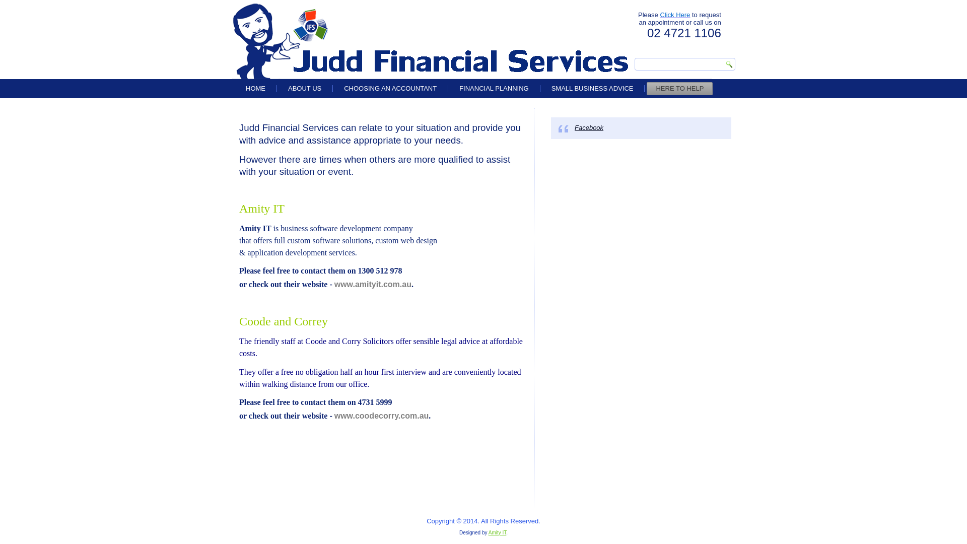 The width and height of the screenshot is (967, 544). Describe the element at coordinates (679, 88) in the screenshot. I see `'HERE TO HELP'` at that location.